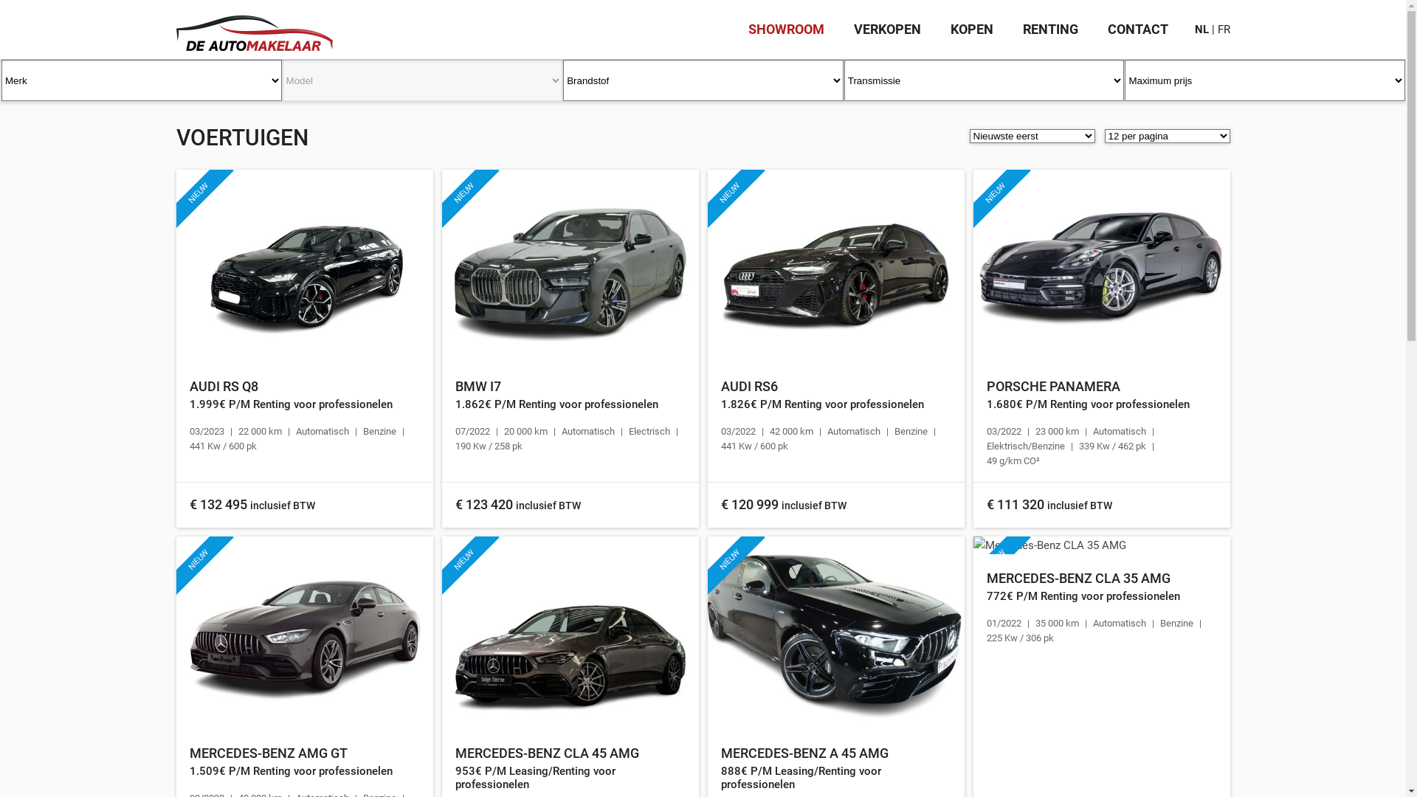  I want to click on 'VERKOPEN', so click(886, 29).